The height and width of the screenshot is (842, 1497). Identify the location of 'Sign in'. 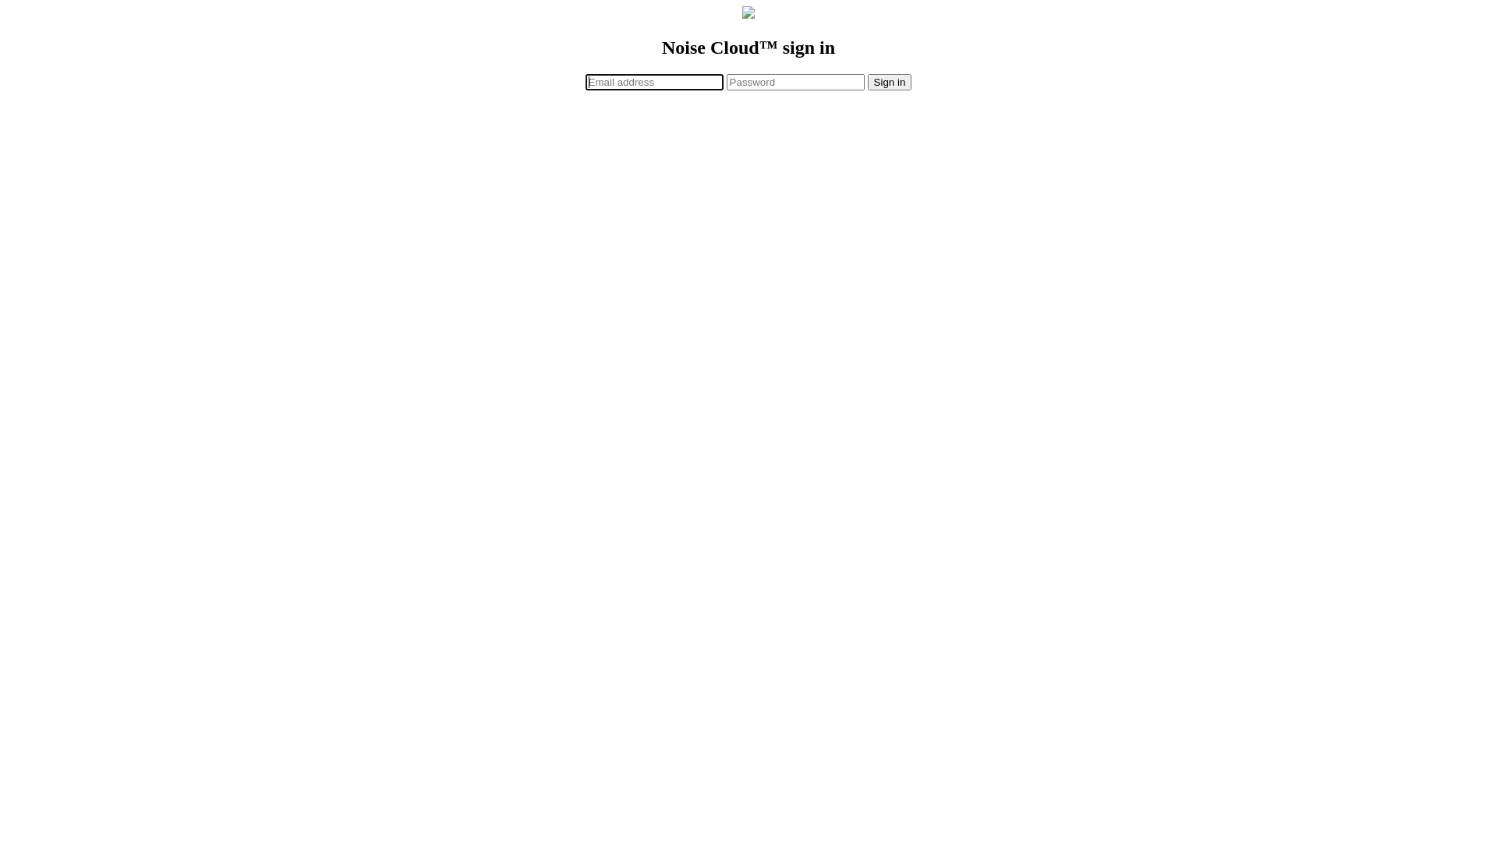
(890, 82).